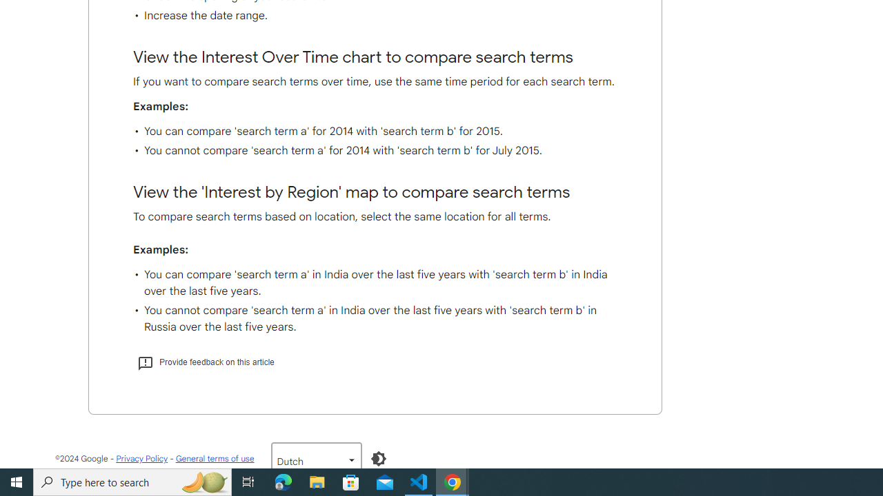 This screenshot has height=496, width=883. Describe the element at coordinates (205, 361) in the screenshot. I see `'Provide feedback on this article'` at that location.